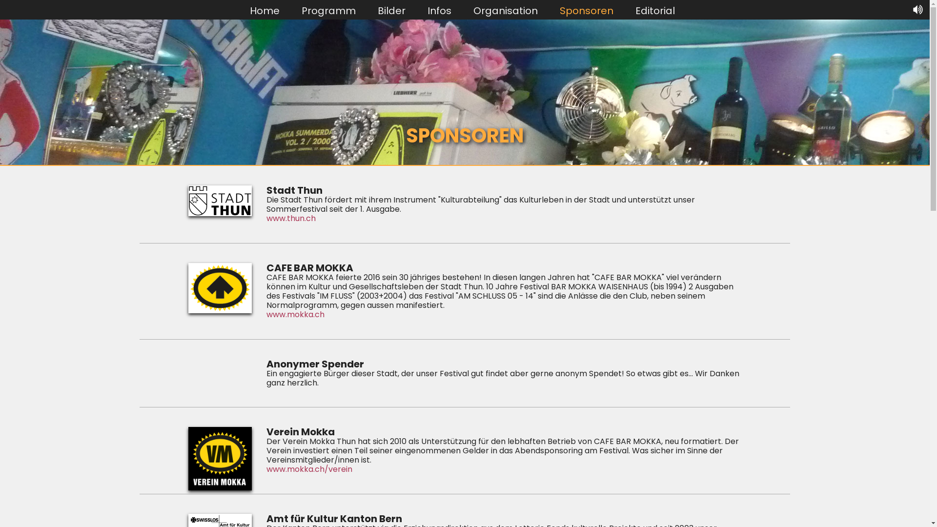 Image resolution: width=937 pixels, height=527 pixels. I want to click on 'Programm', so click(328, 10).